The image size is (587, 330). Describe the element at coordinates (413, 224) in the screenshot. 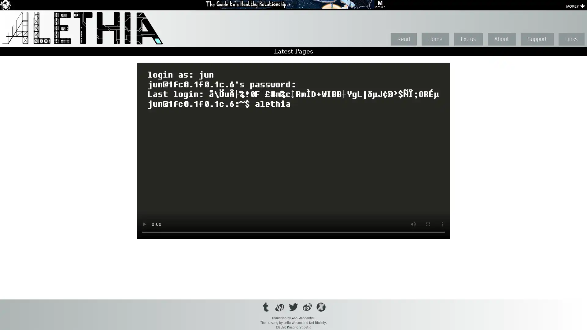

I see `mute` at that location.